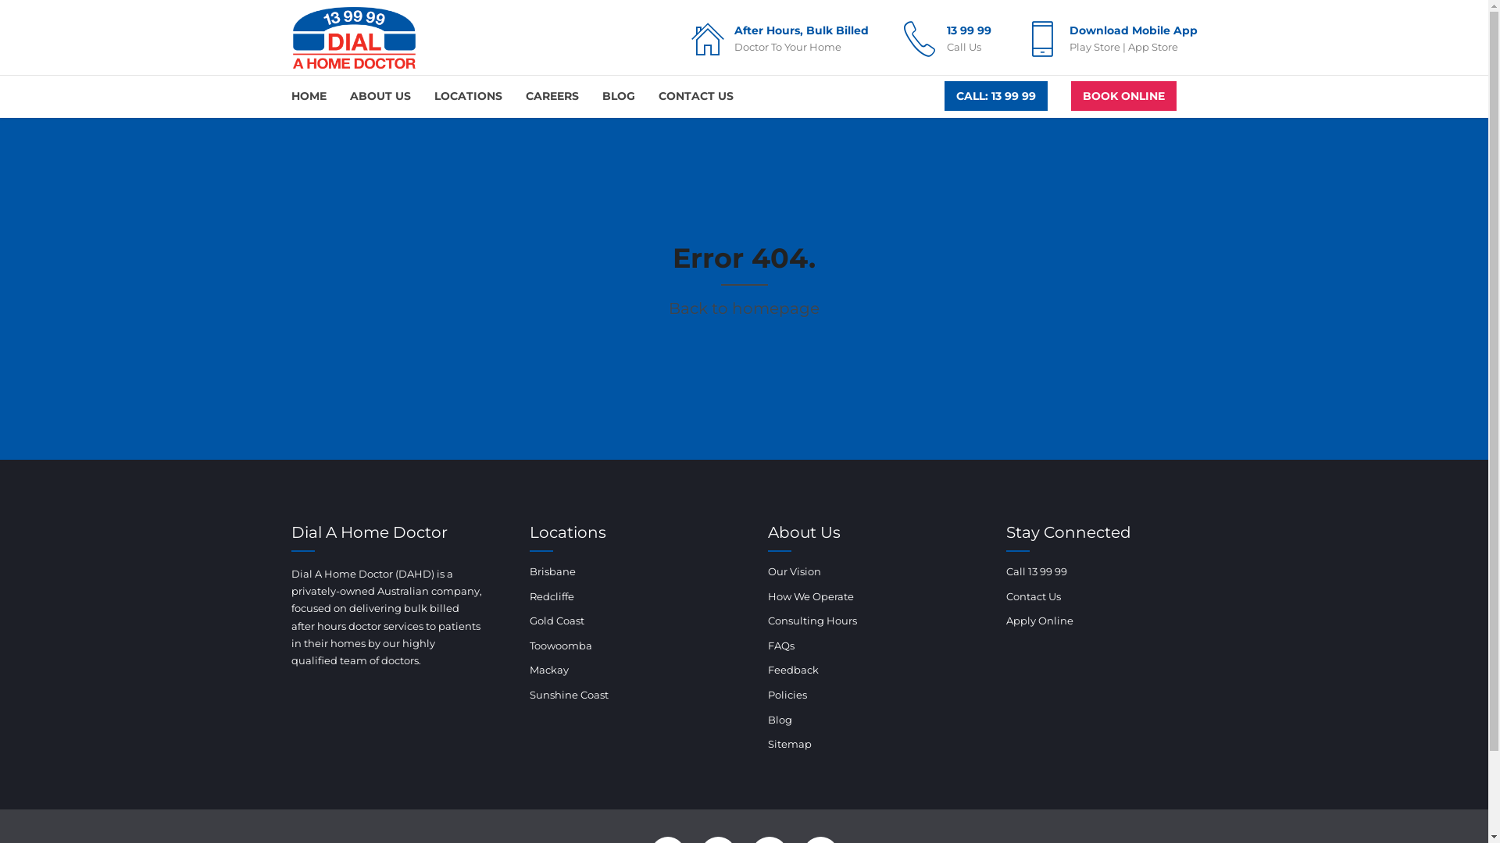 The width and height of the screenshot is (1500, 843). I want to click on 'Toowoomba', so click(529, 645).